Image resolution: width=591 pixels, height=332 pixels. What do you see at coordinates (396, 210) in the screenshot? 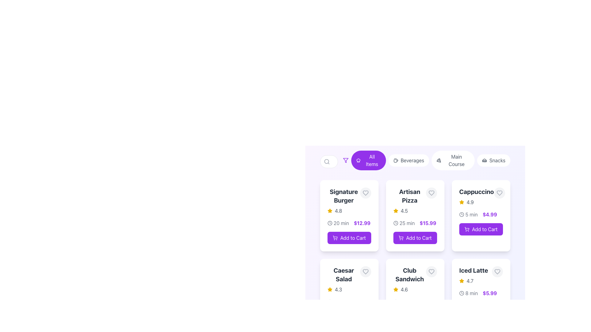
I see `the star-shaped icon within the SVG graphic, which is styled with a yellow fill color and represents a rating` at bounding box center [396, 210].